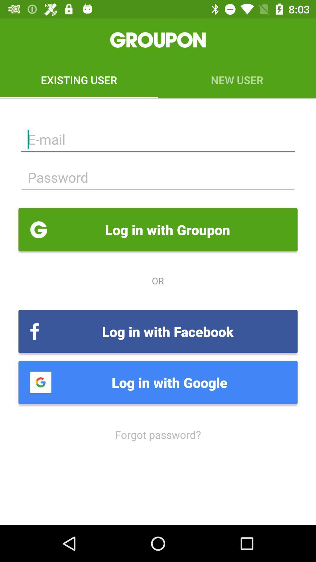 This screenshot has width=316, height=562. I want to click on password field, so click(158, 177).